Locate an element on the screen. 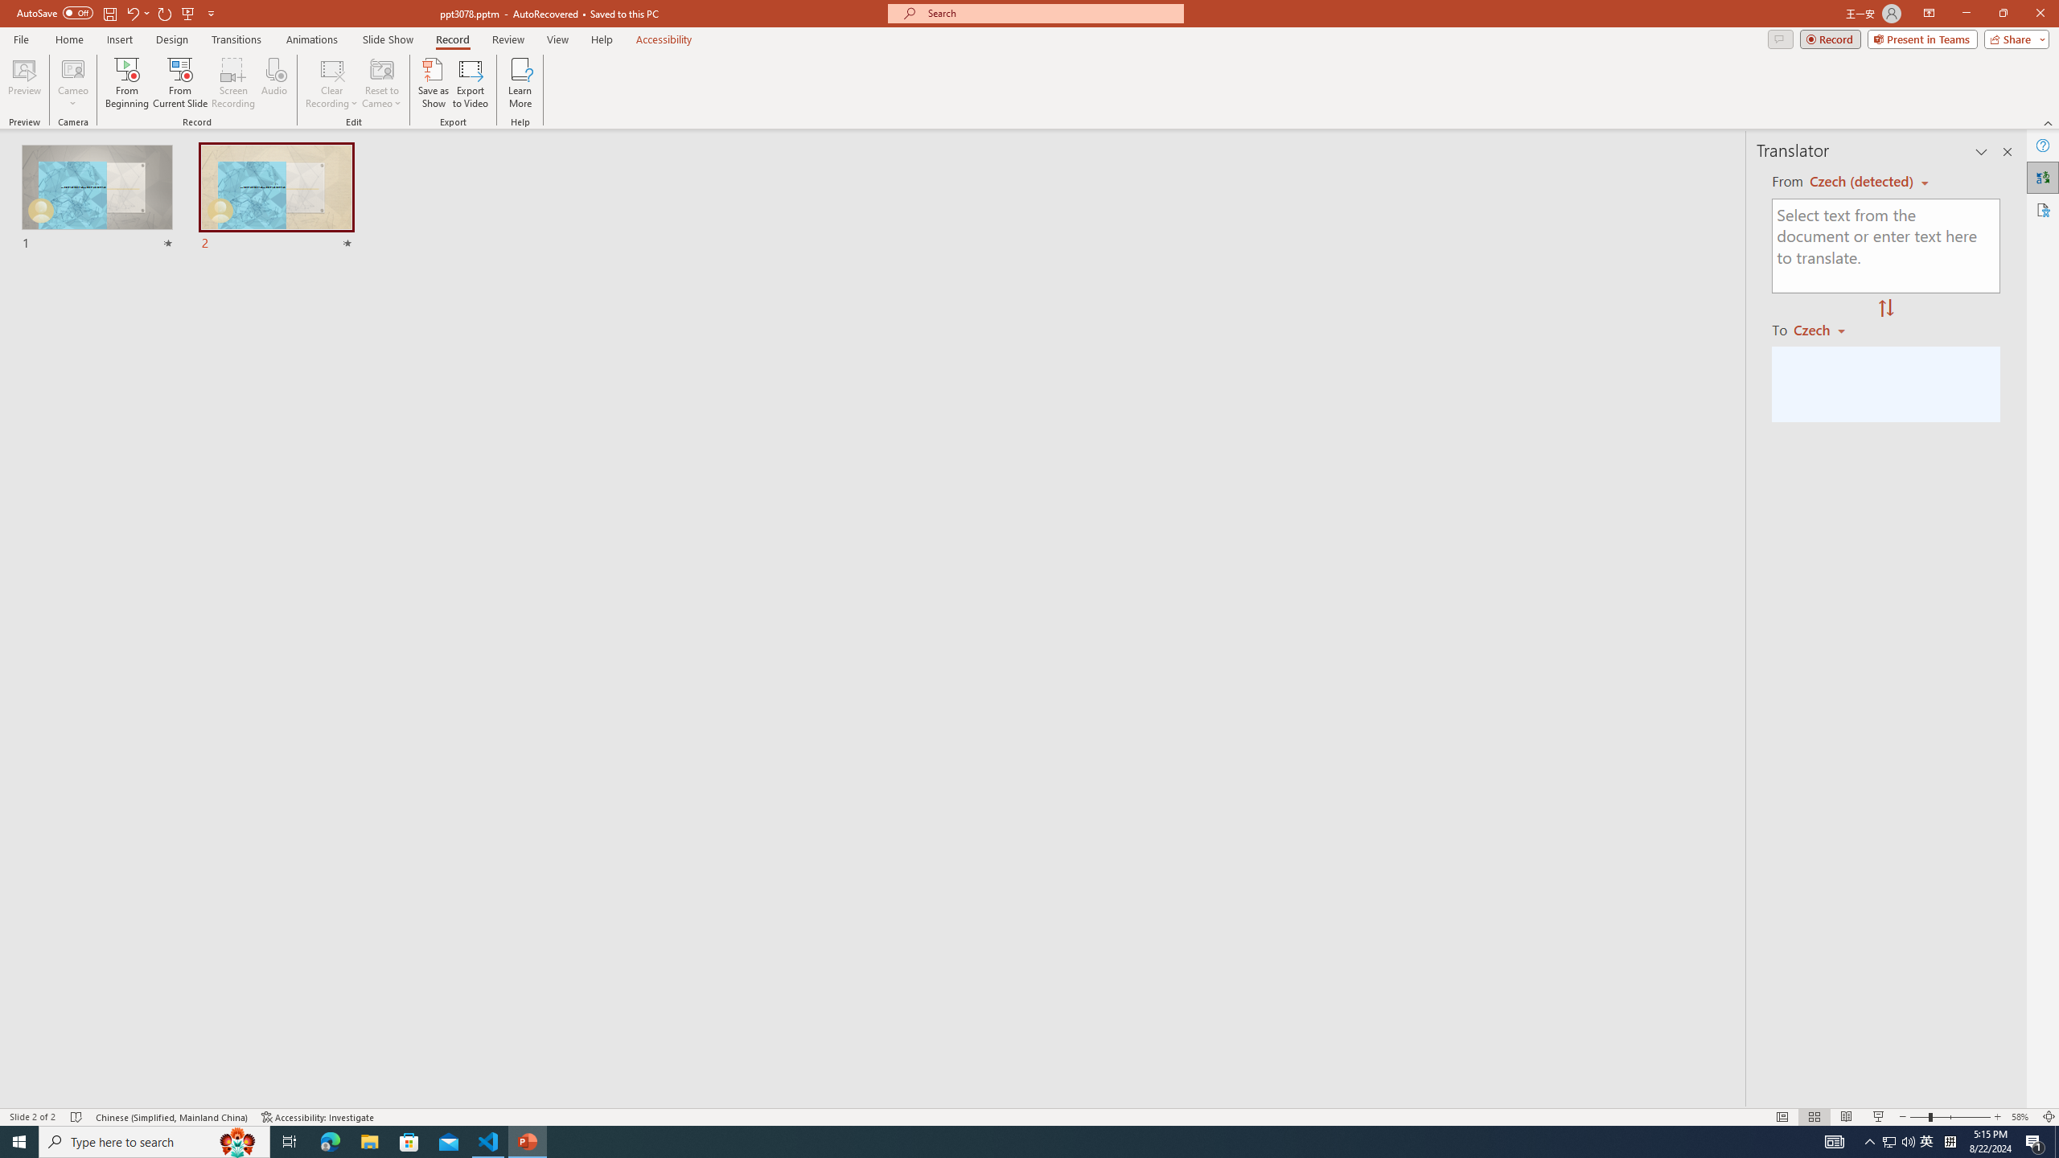 The width and height of the screenshot is (2059, 1158). 'Reset to Cameo' is located at coordinates (380, 83).